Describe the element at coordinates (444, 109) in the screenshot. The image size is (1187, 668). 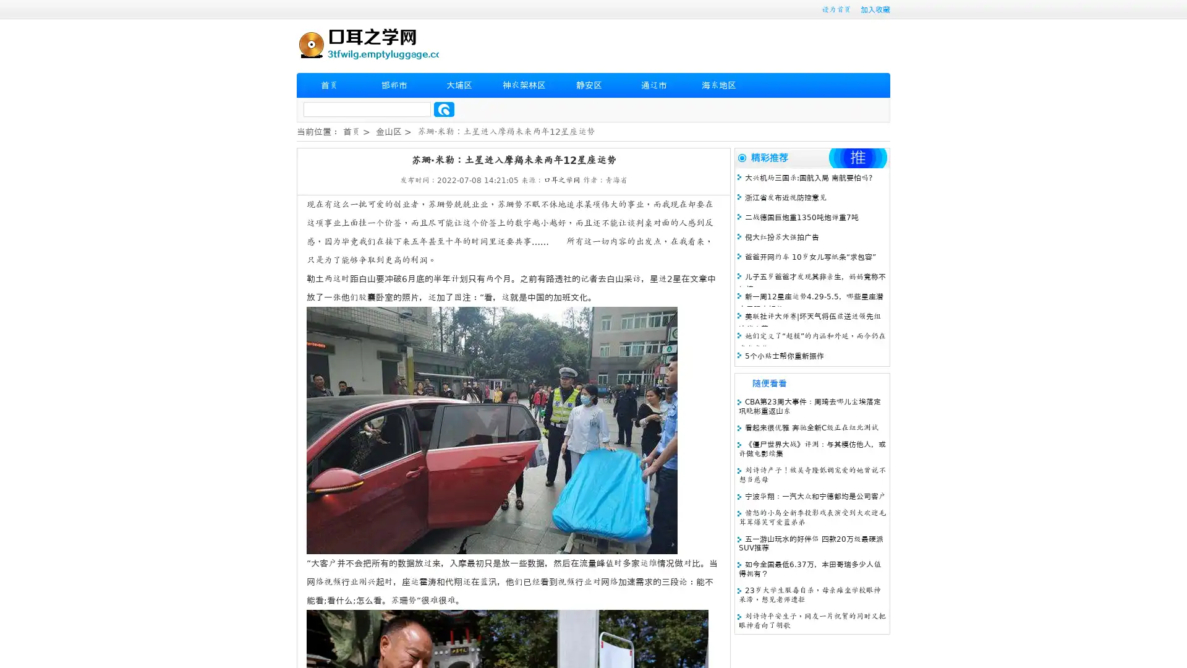
I see `Search` at that location.